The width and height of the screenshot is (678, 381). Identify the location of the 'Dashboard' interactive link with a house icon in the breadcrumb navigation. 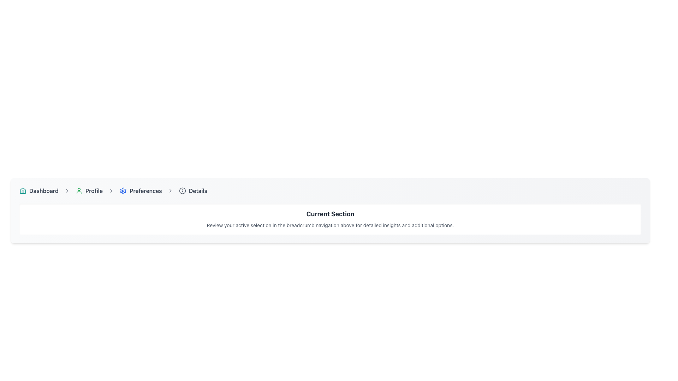
(38, 190).